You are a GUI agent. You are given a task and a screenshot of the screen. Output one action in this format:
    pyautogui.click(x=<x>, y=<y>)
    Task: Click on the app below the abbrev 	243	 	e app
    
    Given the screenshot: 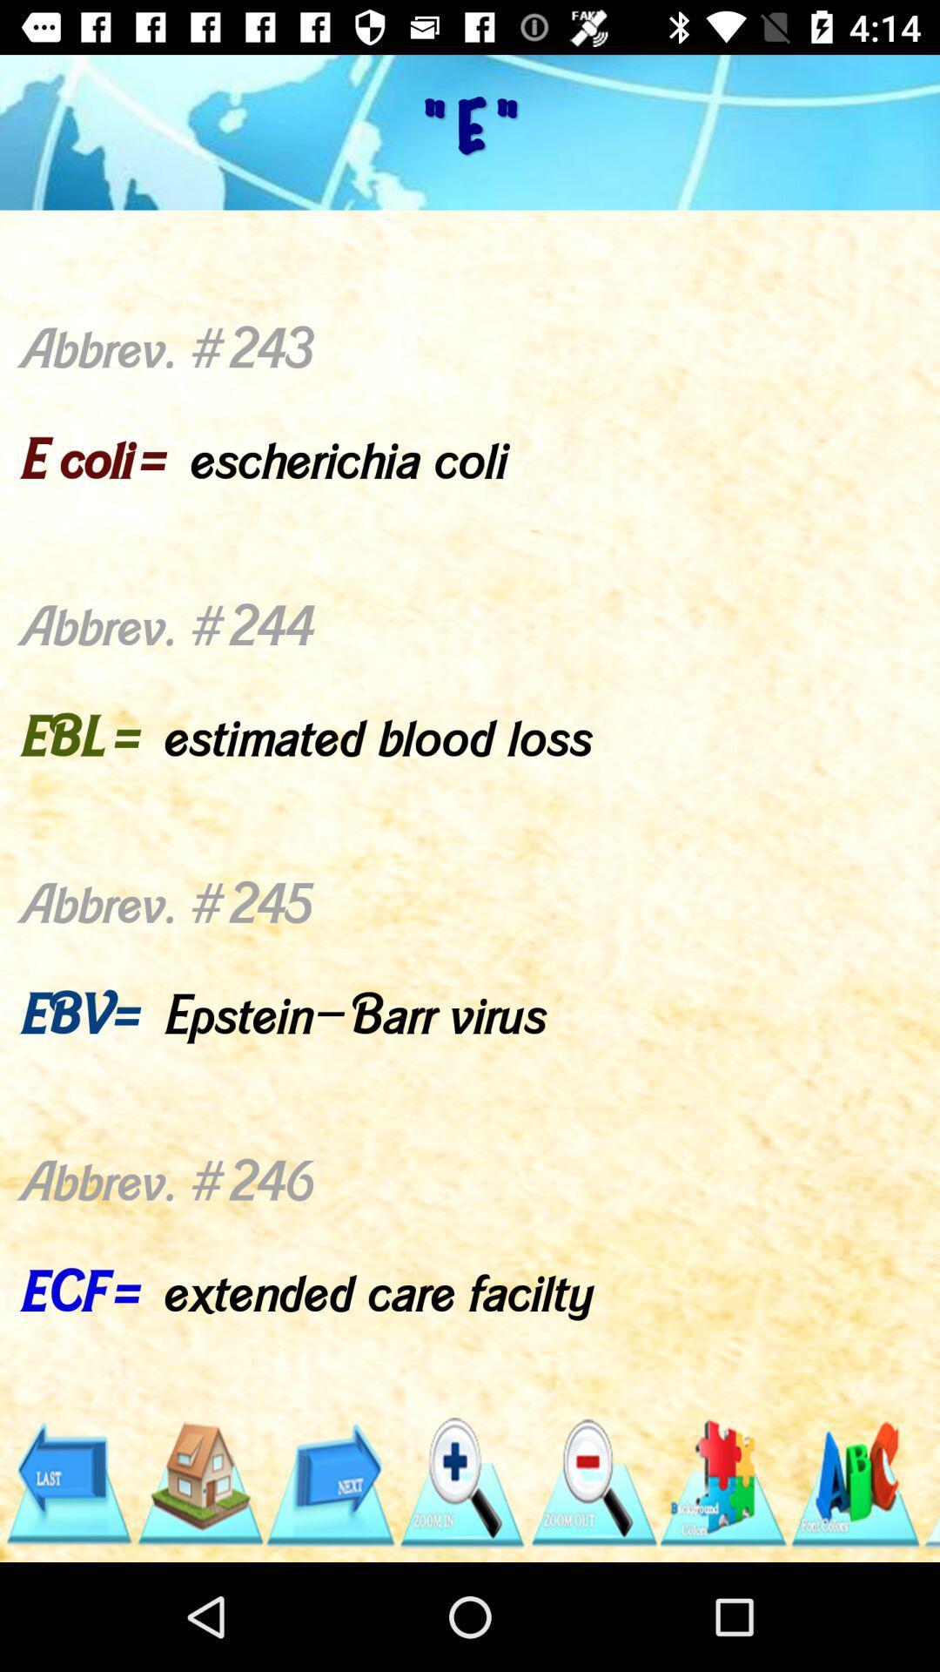 What is the action you would take?
    pyautogui.click(x=67, y=1482)
    